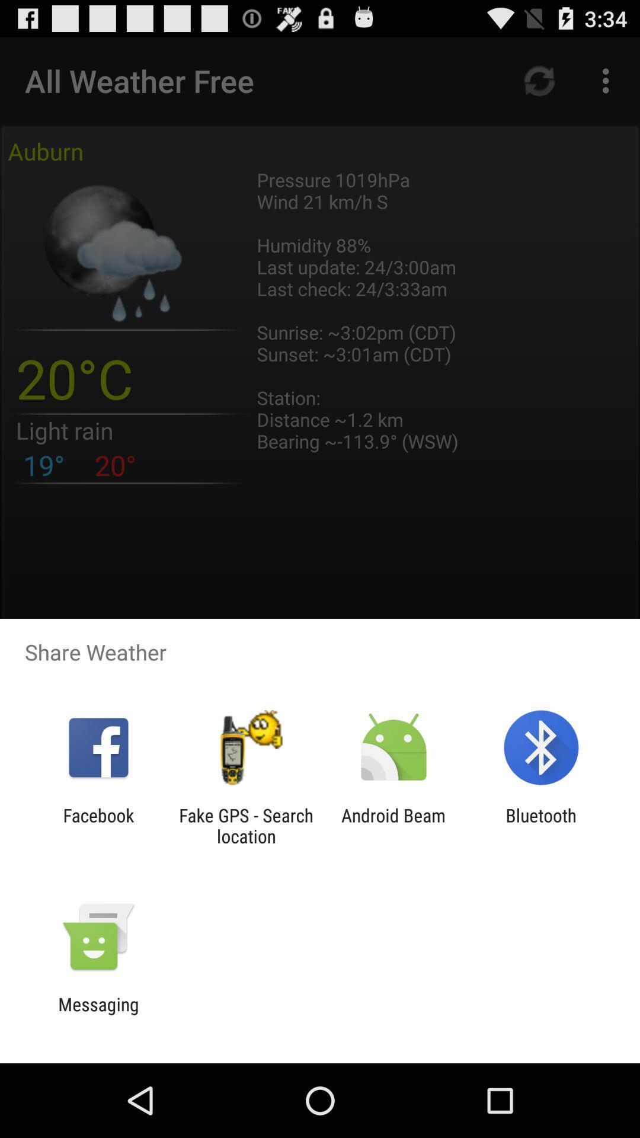 The height and width of the screenshot is (1138, 640). I want to click on the messaging, so click(98, 1014).